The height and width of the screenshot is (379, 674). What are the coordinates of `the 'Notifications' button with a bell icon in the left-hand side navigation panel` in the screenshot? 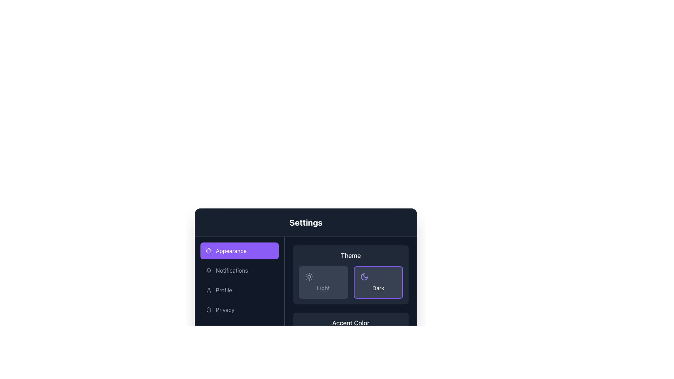 It's located at (239, 270).